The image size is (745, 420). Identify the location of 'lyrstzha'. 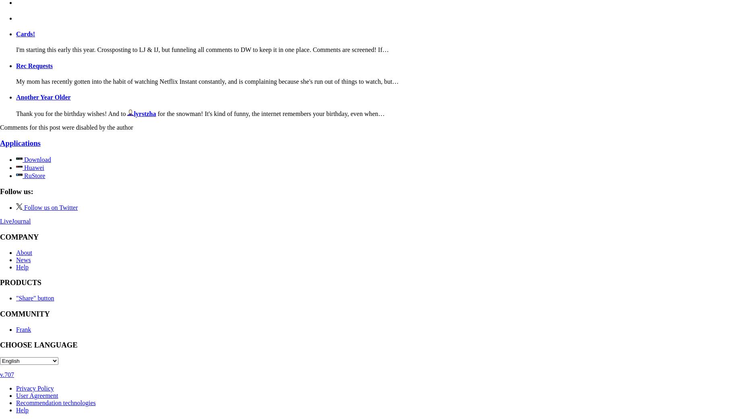
(133, 114).